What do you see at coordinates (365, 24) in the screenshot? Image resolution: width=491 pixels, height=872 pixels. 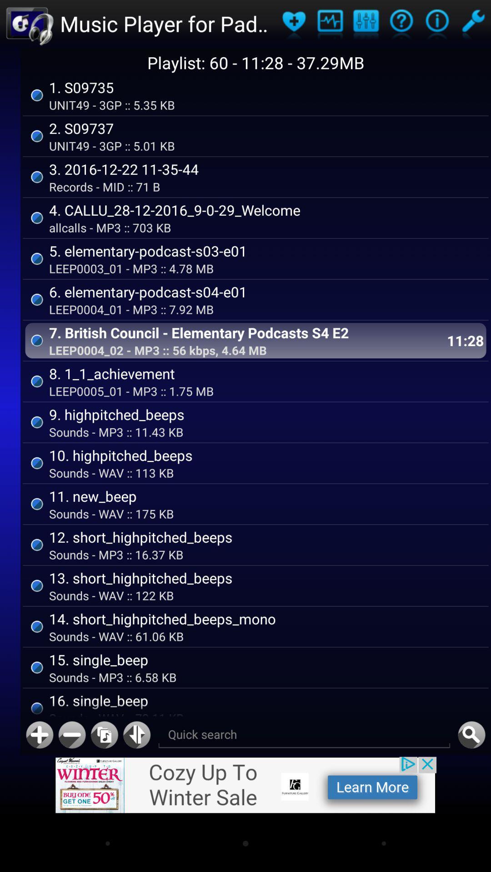 I see `musical icone` at bounding box center [365, 24].